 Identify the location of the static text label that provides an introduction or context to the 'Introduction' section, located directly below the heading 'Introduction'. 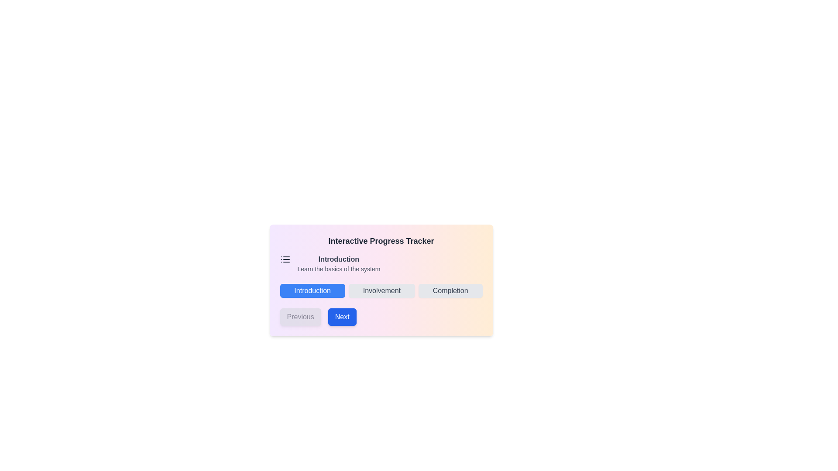
(338, 269).